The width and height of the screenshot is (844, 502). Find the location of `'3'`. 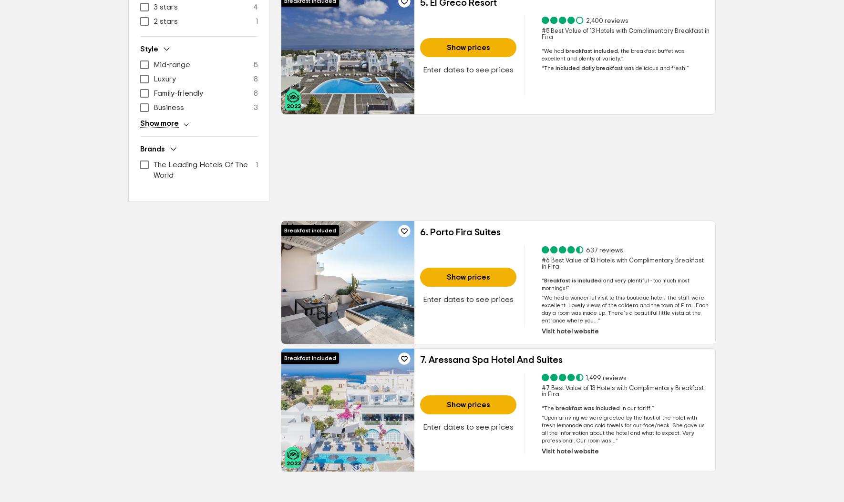

'3' is located at coordinates (256, 107).